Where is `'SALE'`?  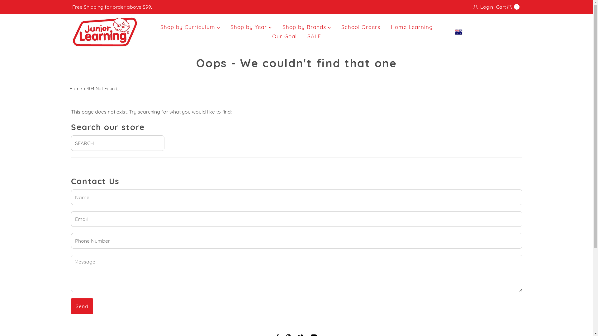
'SALE' is located at coordinates (314, 36).